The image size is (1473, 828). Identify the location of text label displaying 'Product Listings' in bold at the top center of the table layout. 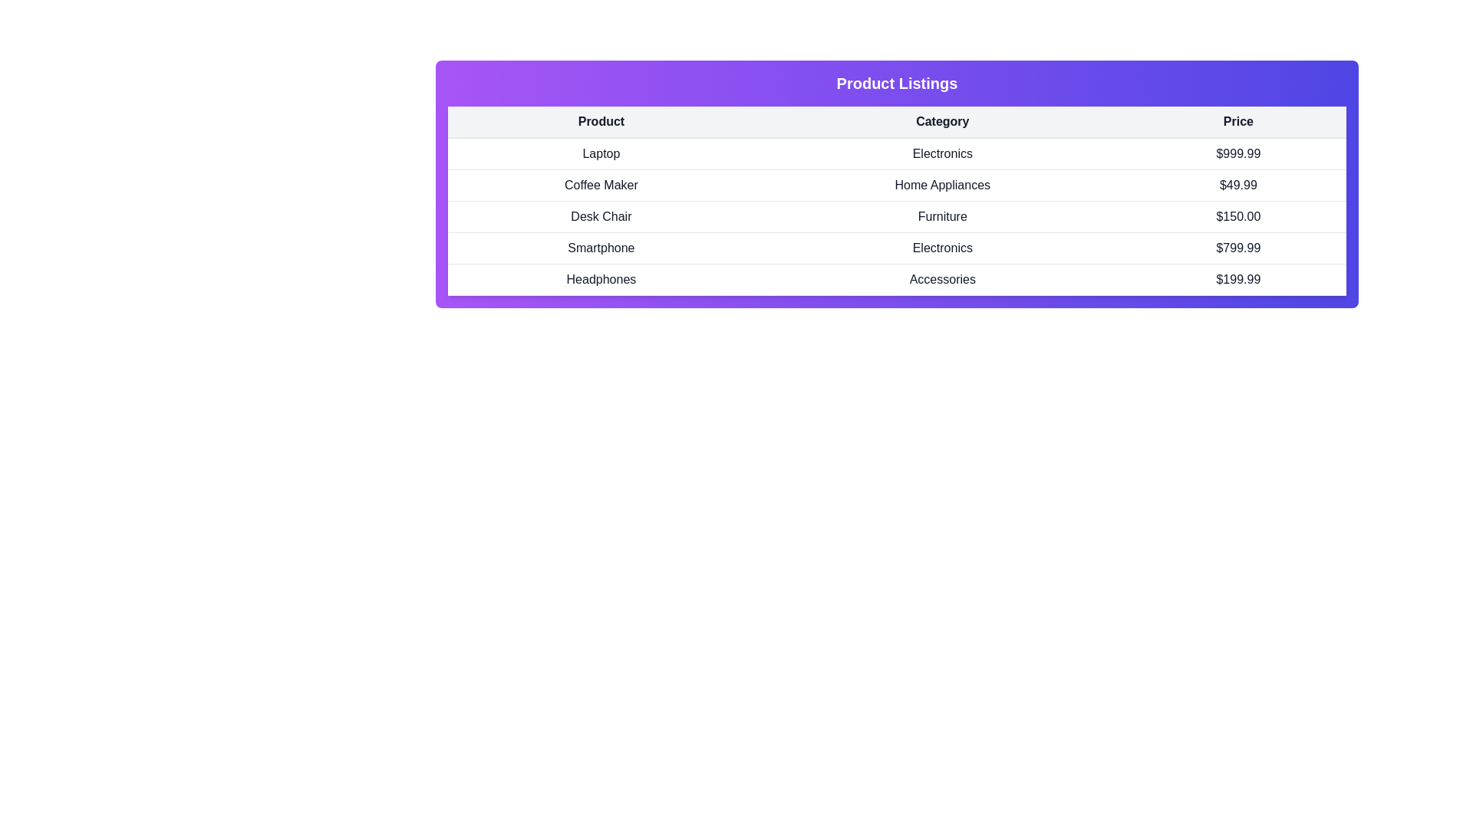
(897, 83).